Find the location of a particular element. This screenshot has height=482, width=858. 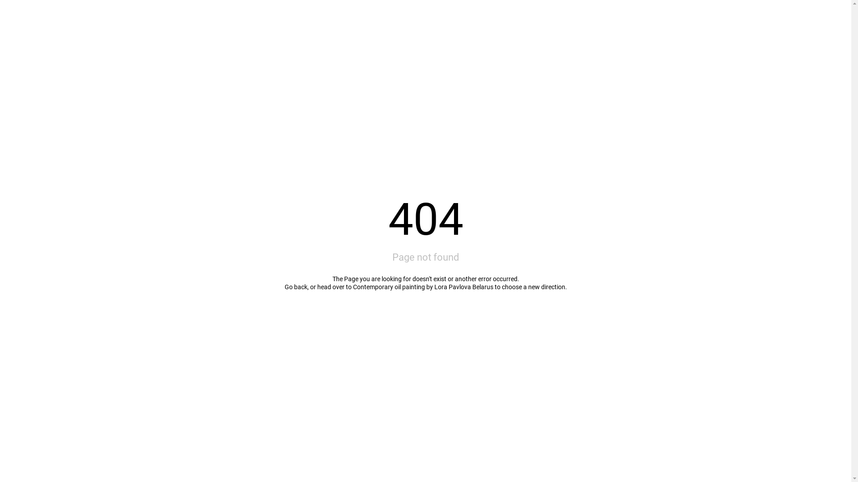

'Go back' is located at coordinates (295, 287).